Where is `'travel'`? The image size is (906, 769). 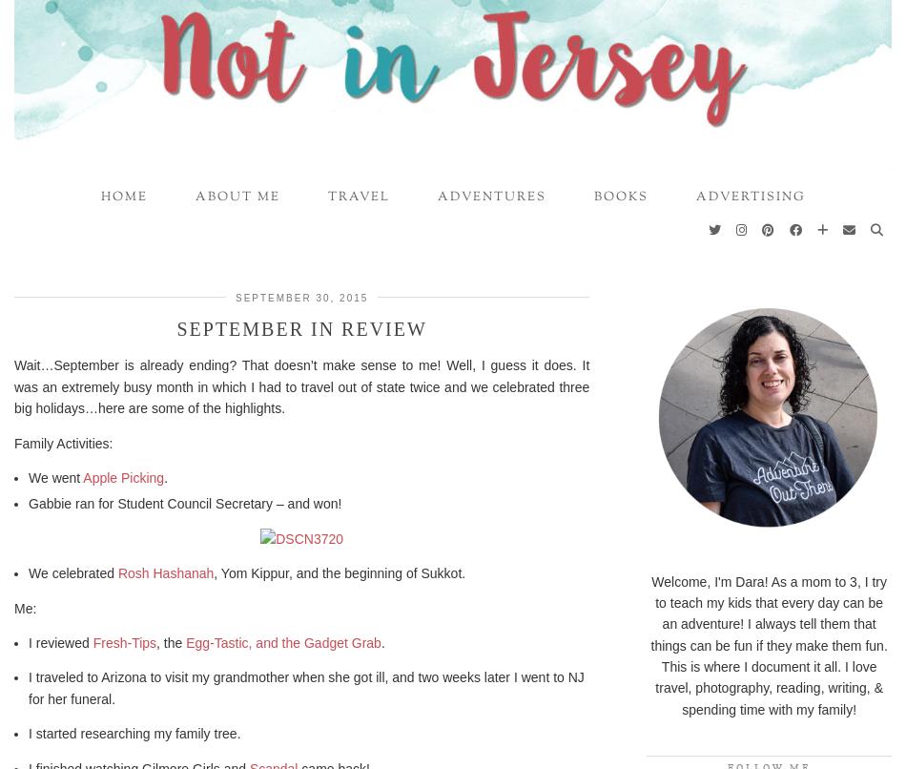
'travel' is located at coordinates (326, 196).